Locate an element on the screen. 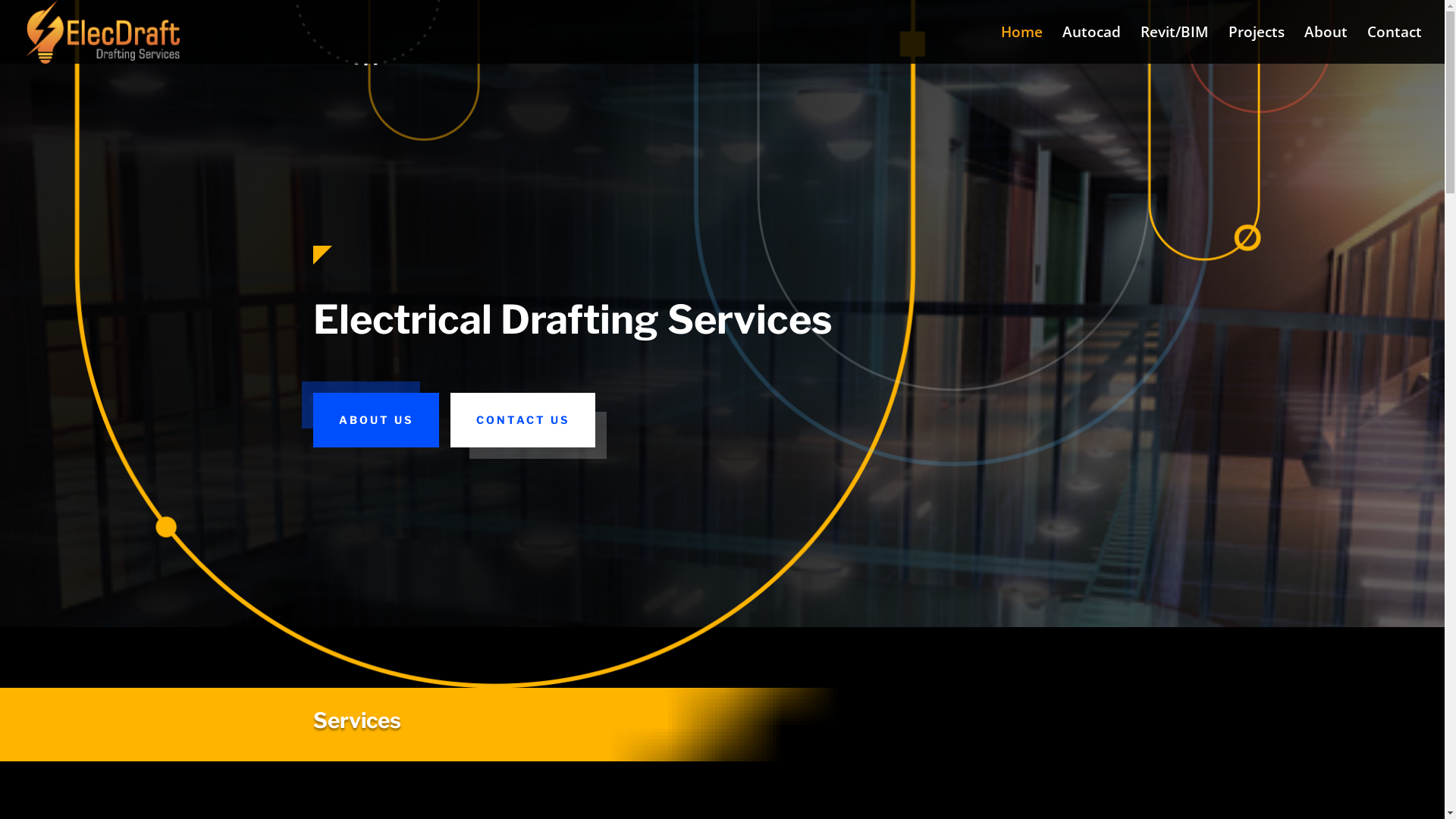 This screenshot has width=1456, height=819. 'ABOUT US' is located at coordinates (375, 420).